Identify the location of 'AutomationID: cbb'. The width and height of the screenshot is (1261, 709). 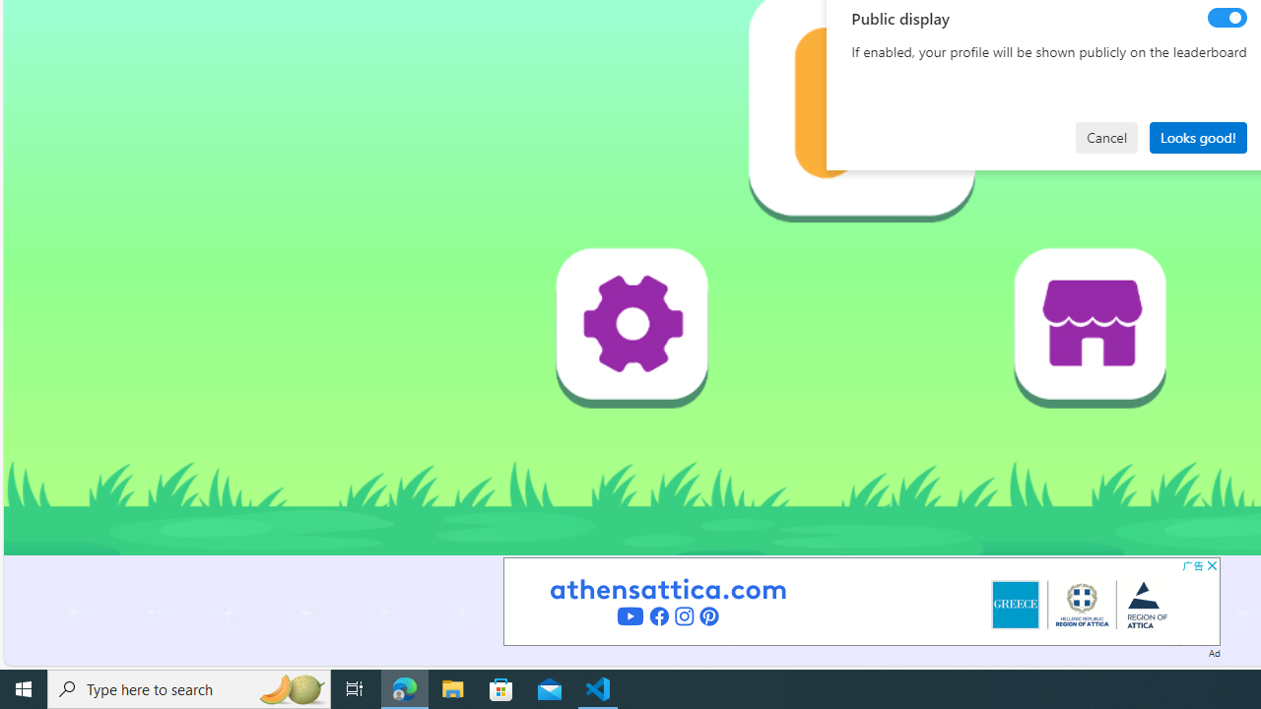
(1211, 565).